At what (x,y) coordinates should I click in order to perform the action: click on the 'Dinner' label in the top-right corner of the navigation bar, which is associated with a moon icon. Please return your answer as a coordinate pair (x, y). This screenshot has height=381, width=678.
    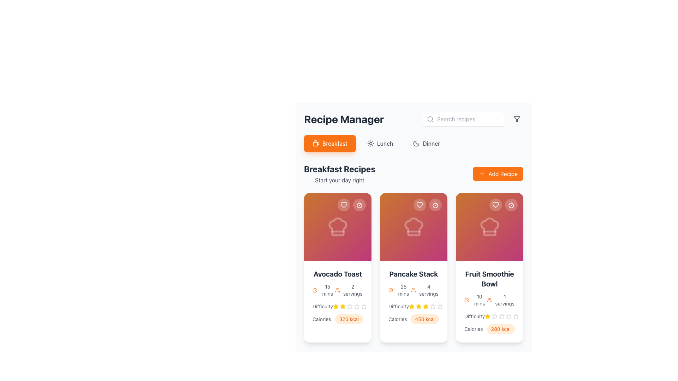
    Looking at the image, I should click on (431, 143).